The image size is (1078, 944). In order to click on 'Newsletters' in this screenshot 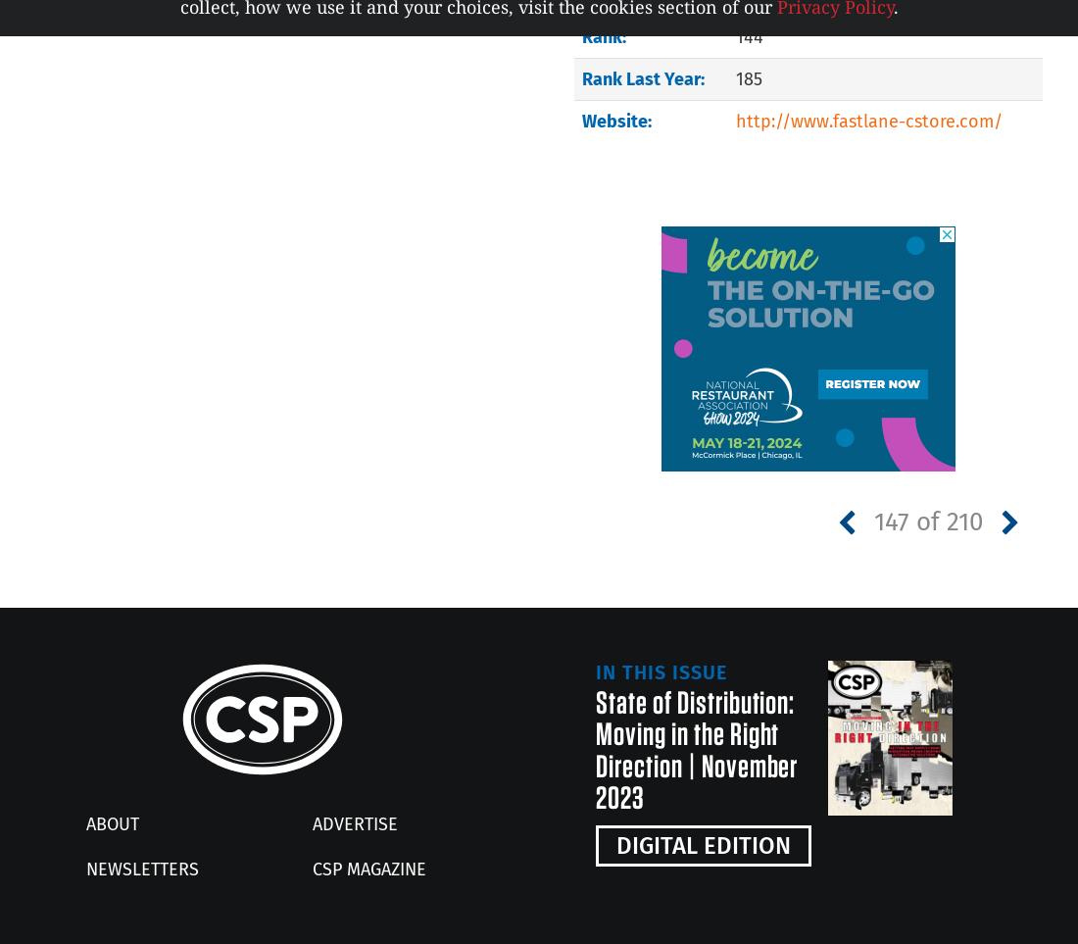, I will do `click(141, 869)`.